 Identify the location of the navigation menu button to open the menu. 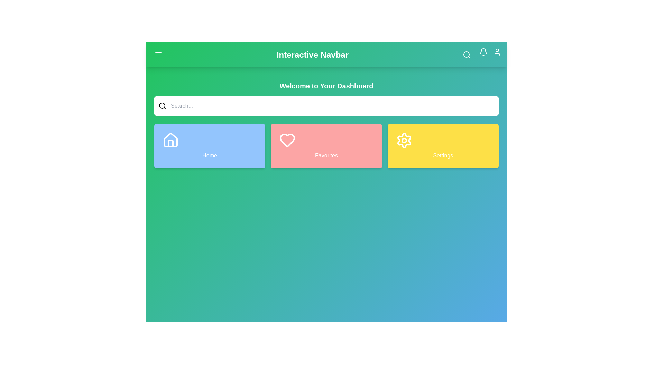
(158, 54).